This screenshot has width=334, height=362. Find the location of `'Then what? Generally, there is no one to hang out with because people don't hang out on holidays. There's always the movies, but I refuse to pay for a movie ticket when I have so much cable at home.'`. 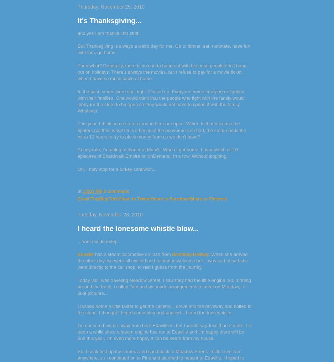

'Then what? Generally, there is no one to hang out with because people don't hang out on holidays. There's always the movies, but I refuse to pay for a movie ticket when I have so much cable at home.' is located at coordinates (162, 72).